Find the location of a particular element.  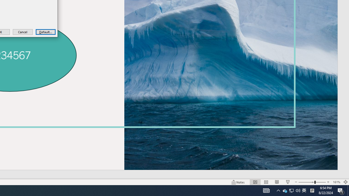

'Cancel' is located at coordinates (22, 32).